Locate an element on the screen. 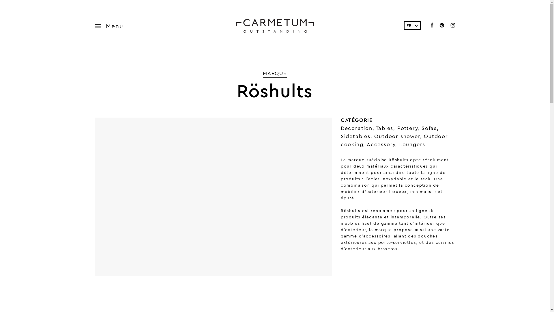 The height and width of the screenshot is (312, 554). 'Menu' is located at coordinates (94, 25).